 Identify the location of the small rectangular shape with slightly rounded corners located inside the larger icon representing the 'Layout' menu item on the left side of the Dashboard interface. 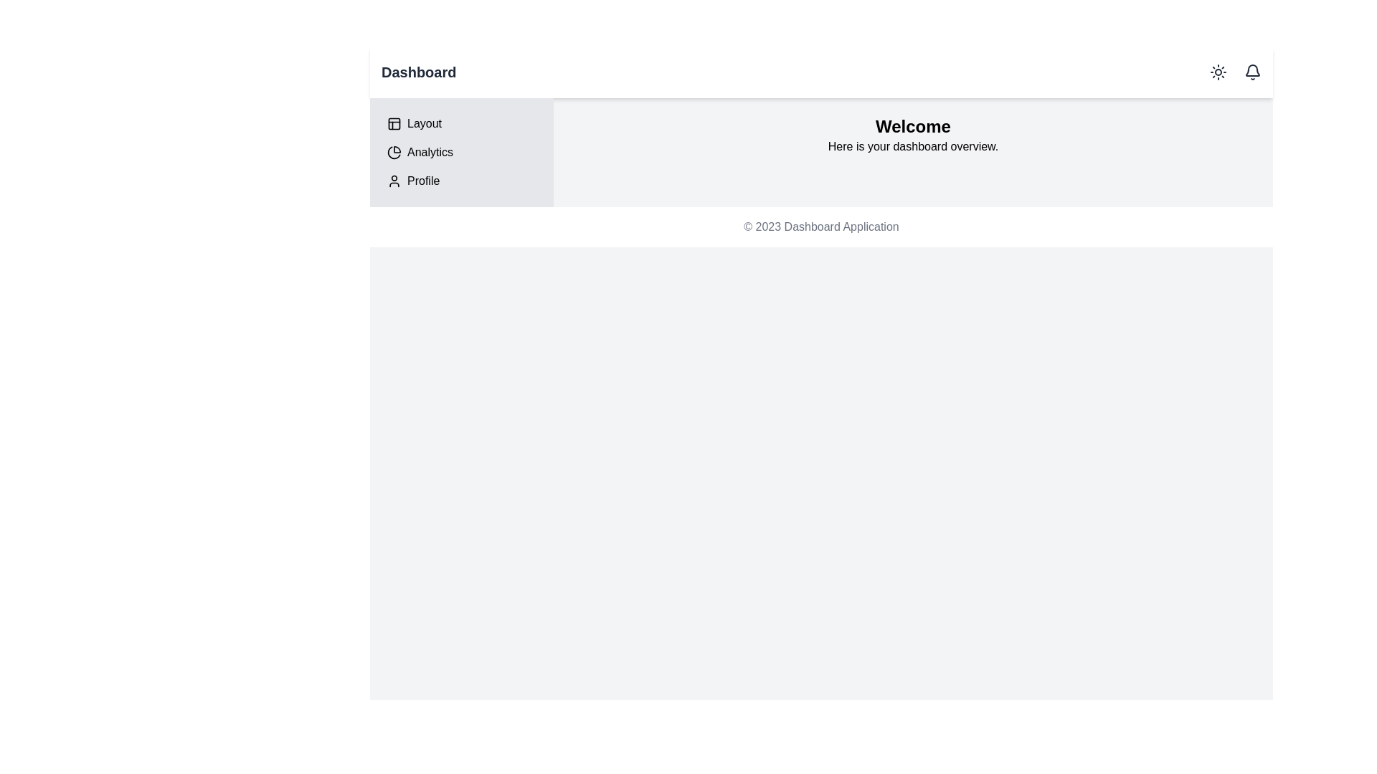
(394, 123).